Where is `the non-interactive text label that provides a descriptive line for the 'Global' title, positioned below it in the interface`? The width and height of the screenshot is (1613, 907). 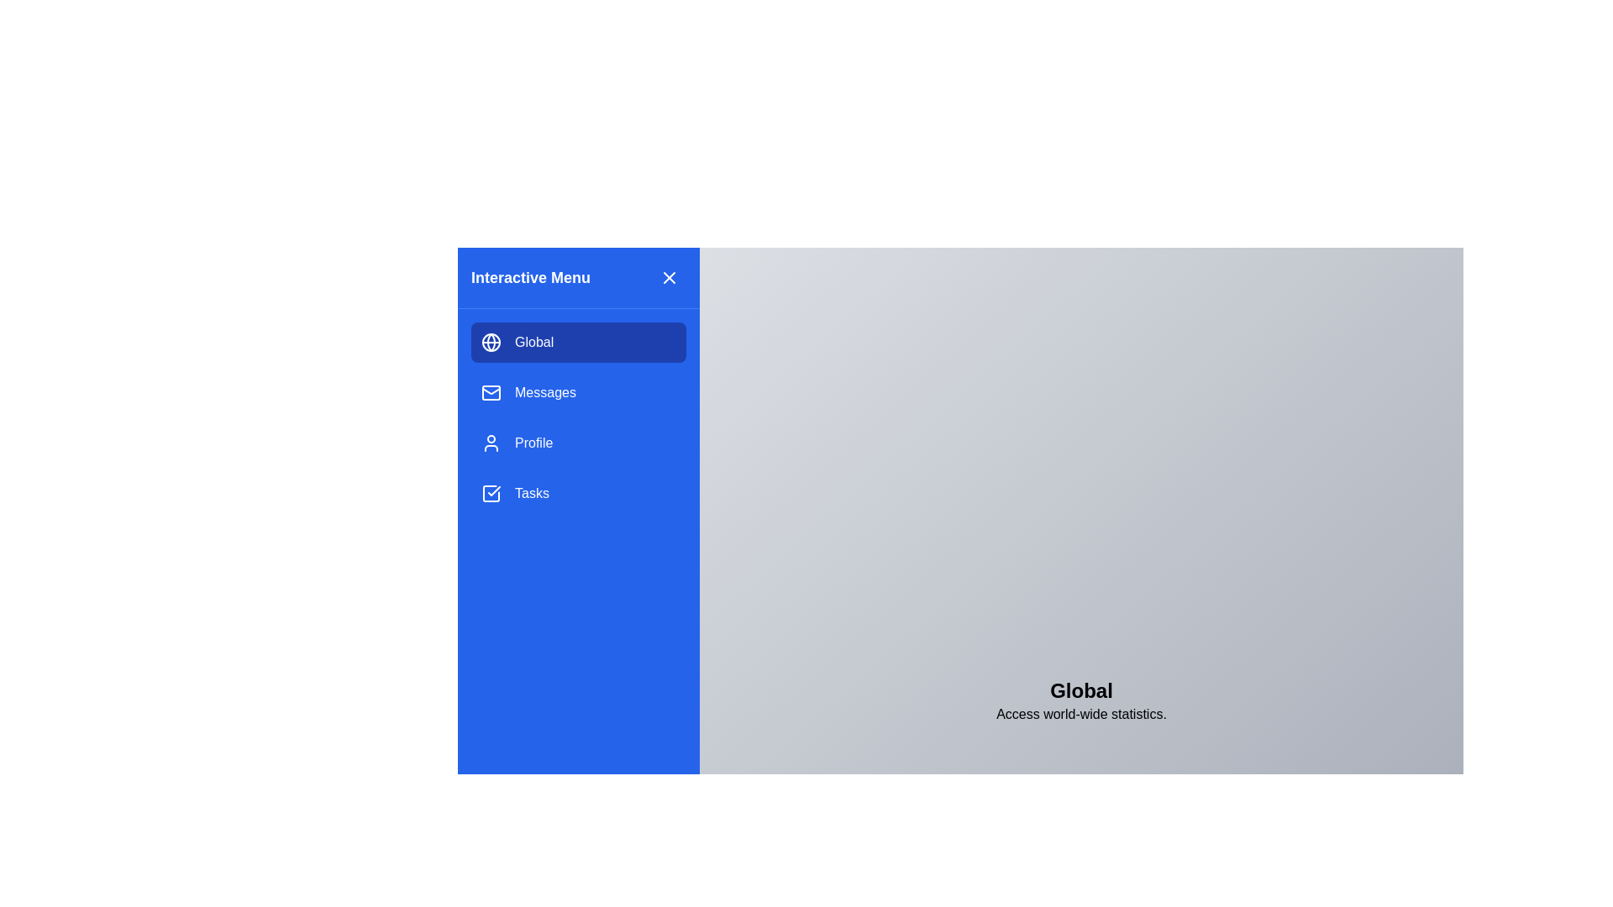
the non-interactive text label that provides a descriptive line for the 'Global' title, positioned below it in the interface is located at coordinates (1081, 715).